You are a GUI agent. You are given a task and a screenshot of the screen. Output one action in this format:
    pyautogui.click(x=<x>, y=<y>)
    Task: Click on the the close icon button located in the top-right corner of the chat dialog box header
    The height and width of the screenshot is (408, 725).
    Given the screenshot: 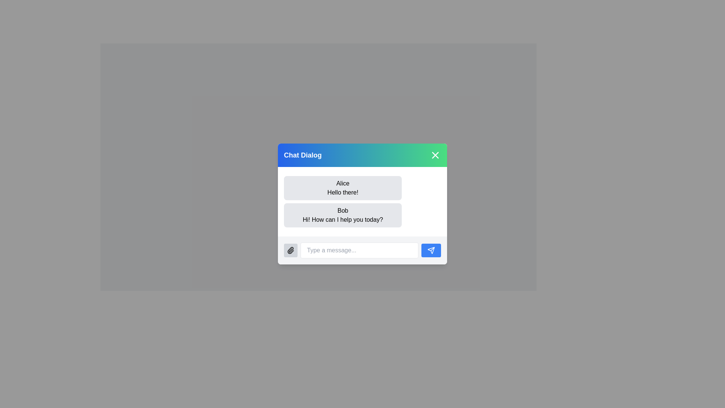 What is the action you would take?
    pyautogui.click(x=435, y=155)
    